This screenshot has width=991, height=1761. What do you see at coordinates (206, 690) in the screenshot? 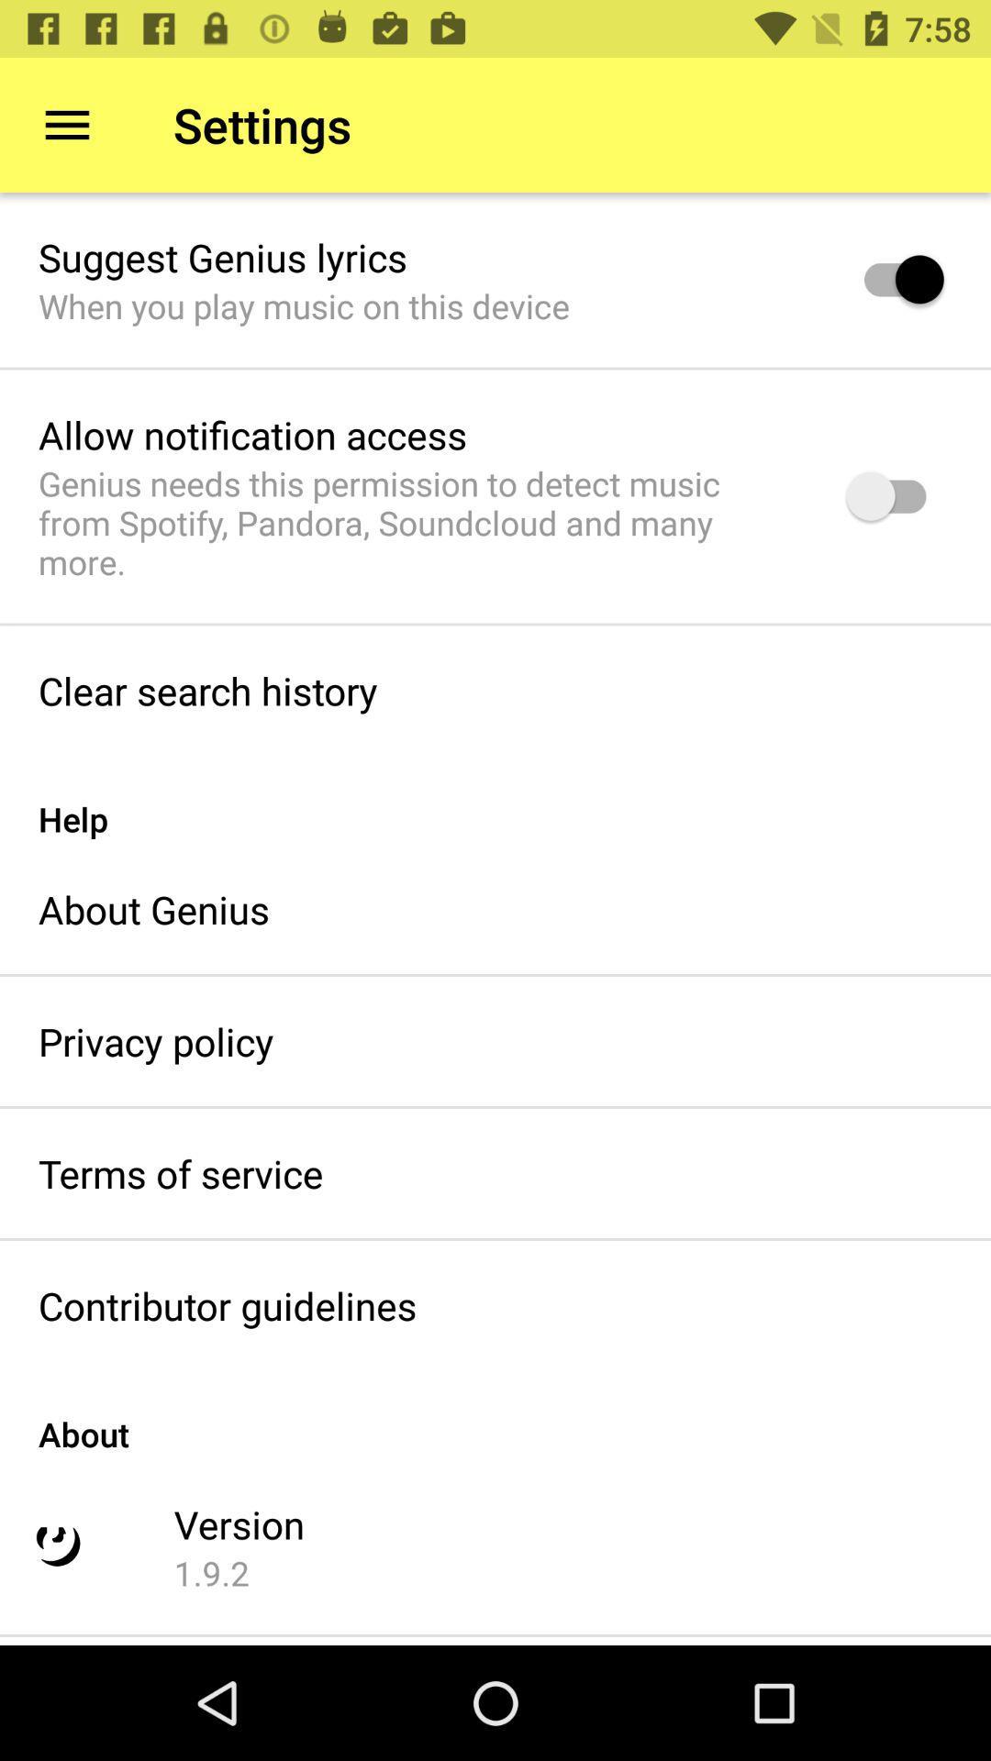
I see `the clear search history` at bounding box center [206, 690].